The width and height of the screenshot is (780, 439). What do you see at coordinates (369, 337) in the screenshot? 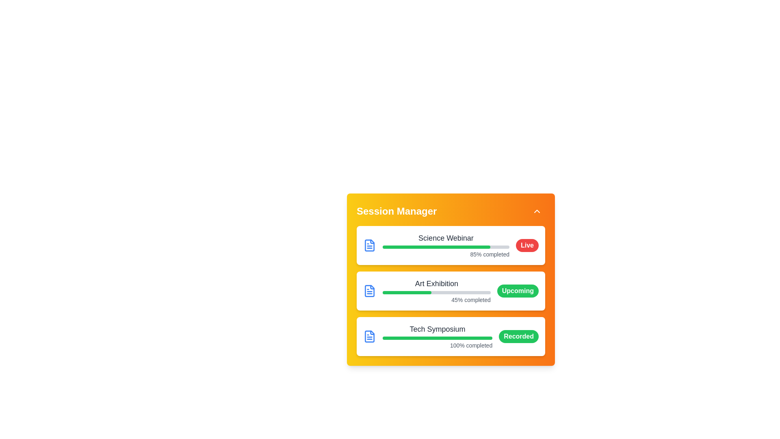
I see `the document icon with a blue outline and folded corner, located within the first card labeled 'Science Webinar' in the Session Manager interface` at bounding box center [369, 337].